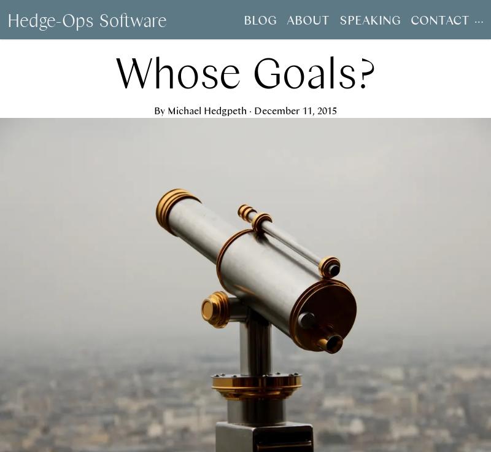  I want to click on '...', so click(478, 18).